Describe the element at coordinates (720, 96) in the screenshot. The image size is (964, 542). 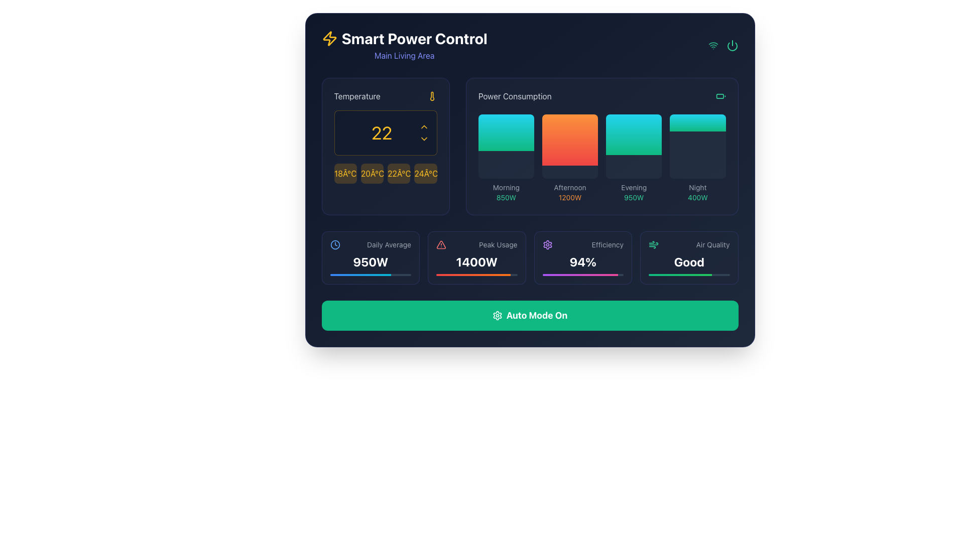
I see `the battery icon, which is outlined in light emerald green and located at the far right side of the 'Power Consumption' section` at that location.